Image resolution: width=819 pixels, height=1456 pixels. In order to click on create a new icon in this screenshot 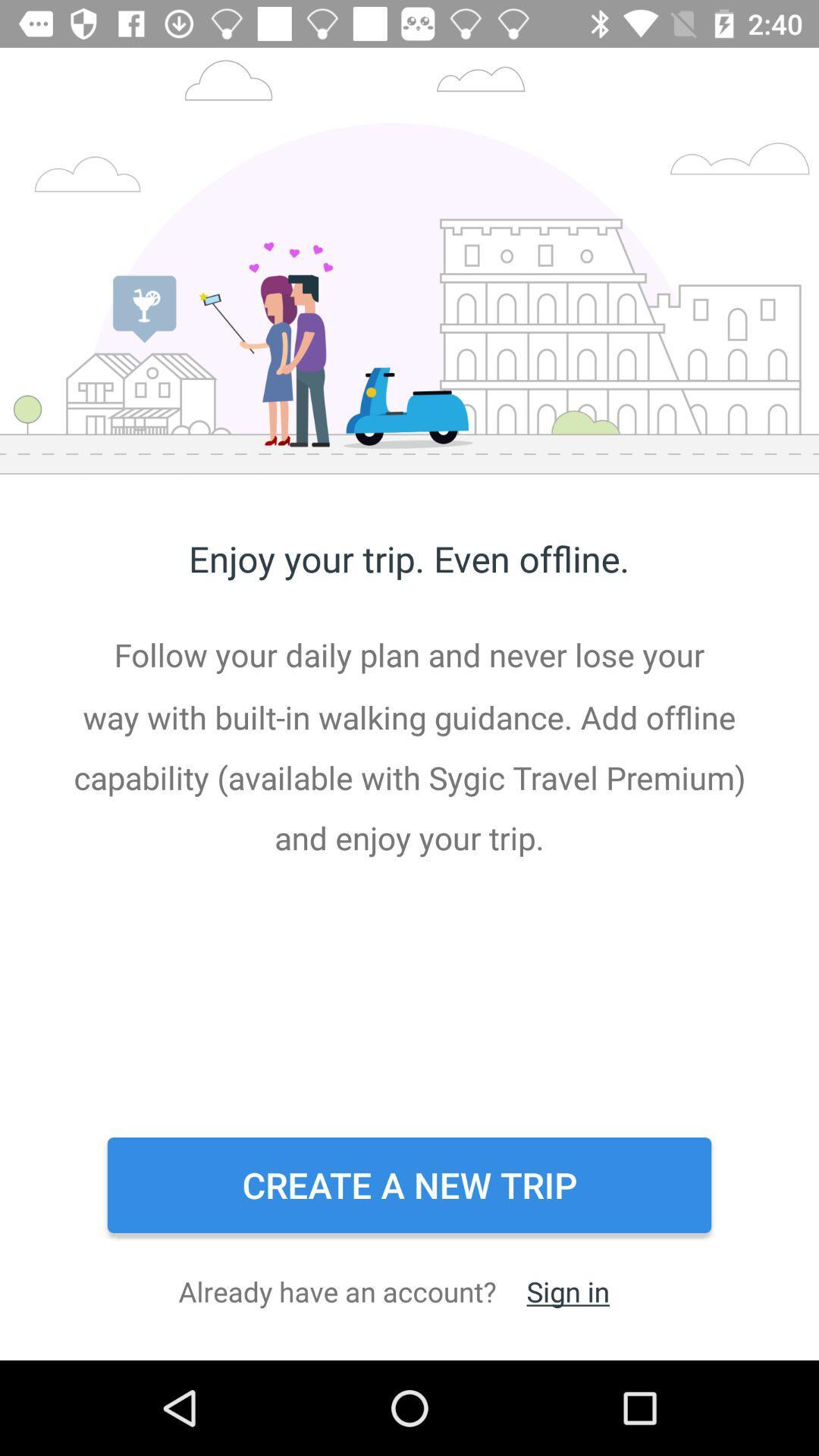, I will do `click(409, 1185)`.